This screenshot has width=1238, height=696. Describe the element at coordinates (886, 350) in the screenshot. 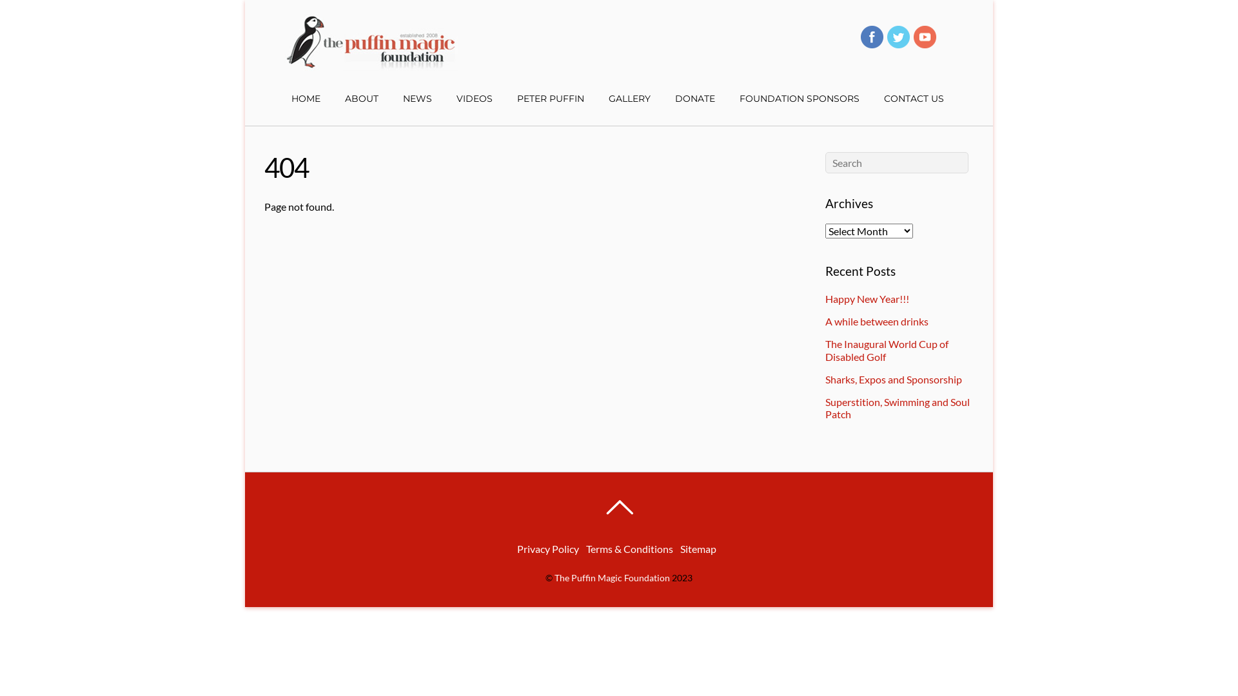

I see `'The Inaugural World Cup of Disabled Golf'` at that location.